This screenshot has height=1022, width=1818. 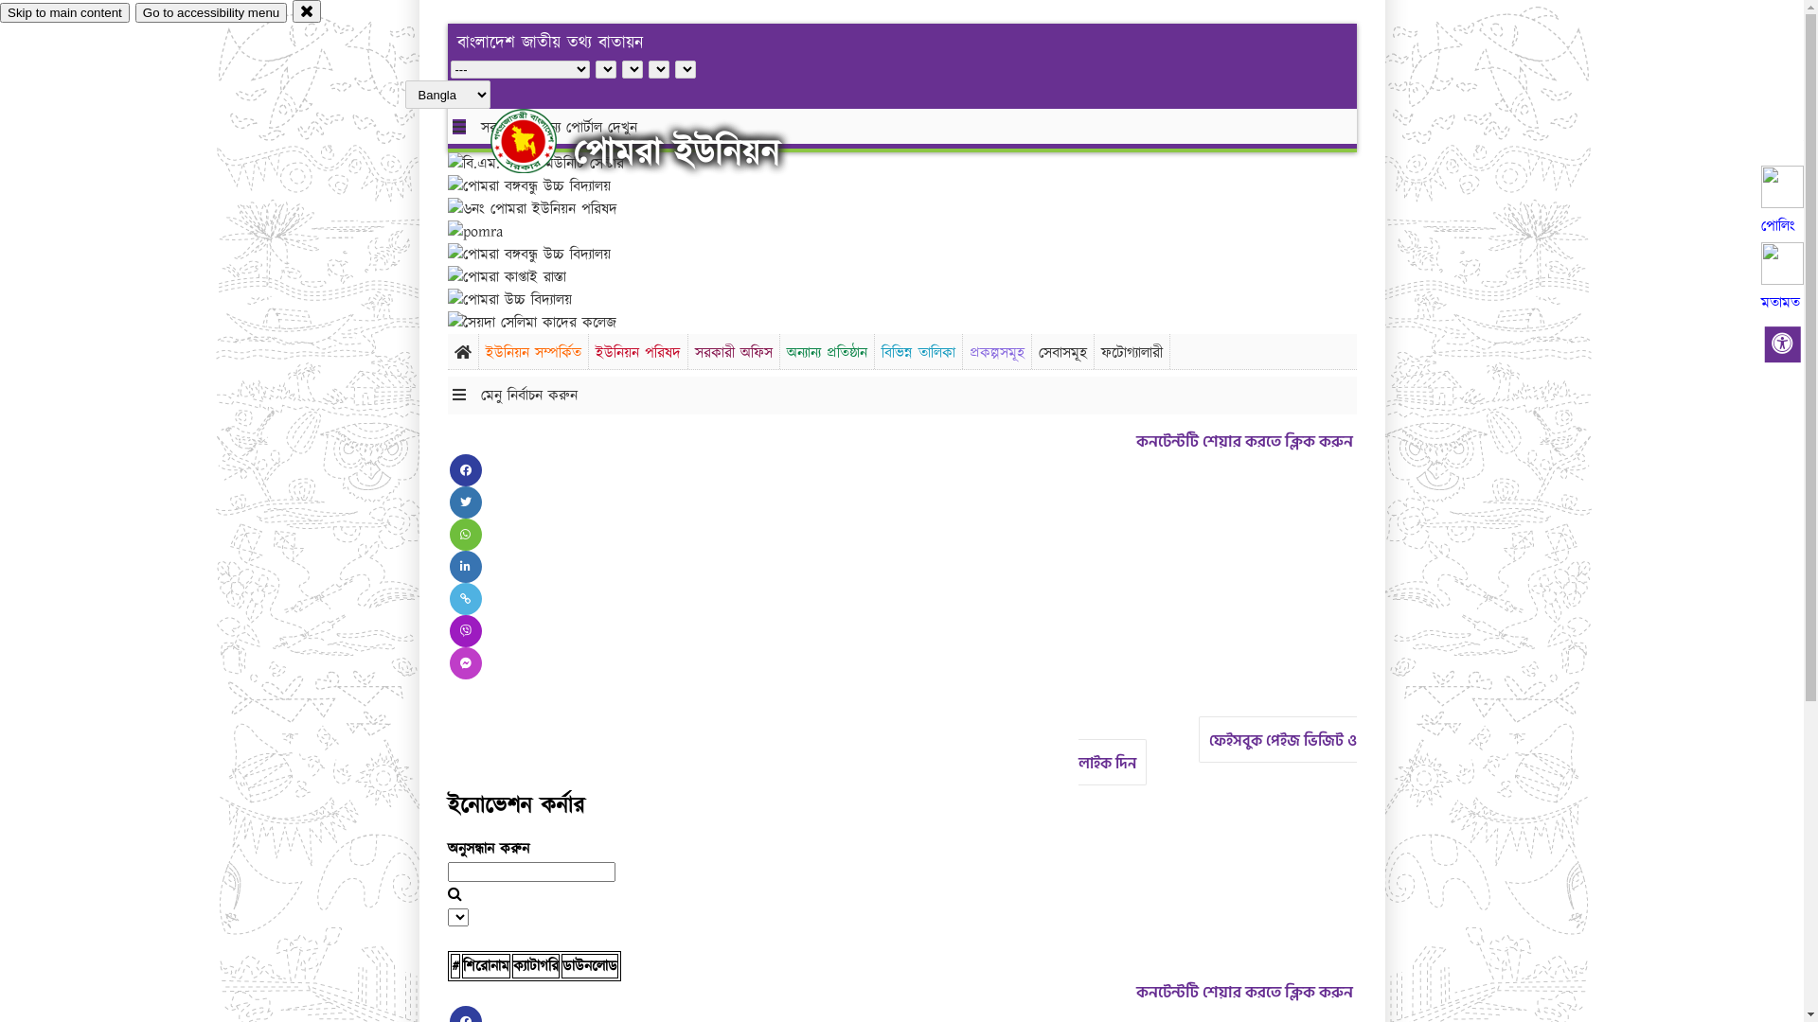 What do you see at coordinates (64, 12) in the screenshot?
I see `'Skip to main content'` at bounding box center [64, 12].